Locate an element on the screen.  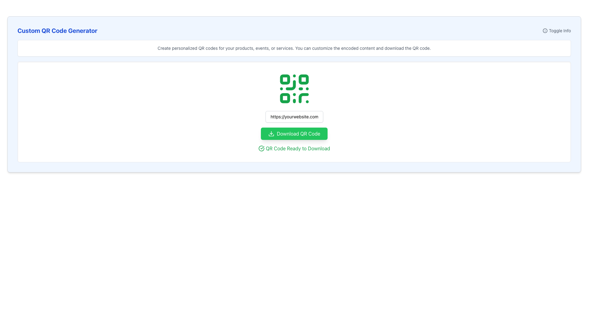
the appearance of the circular 'info' icon located at the top right corner of the interface, which is outlined with a dark border and contains an 'i' shape in the center is located at coordinates (545, 31).